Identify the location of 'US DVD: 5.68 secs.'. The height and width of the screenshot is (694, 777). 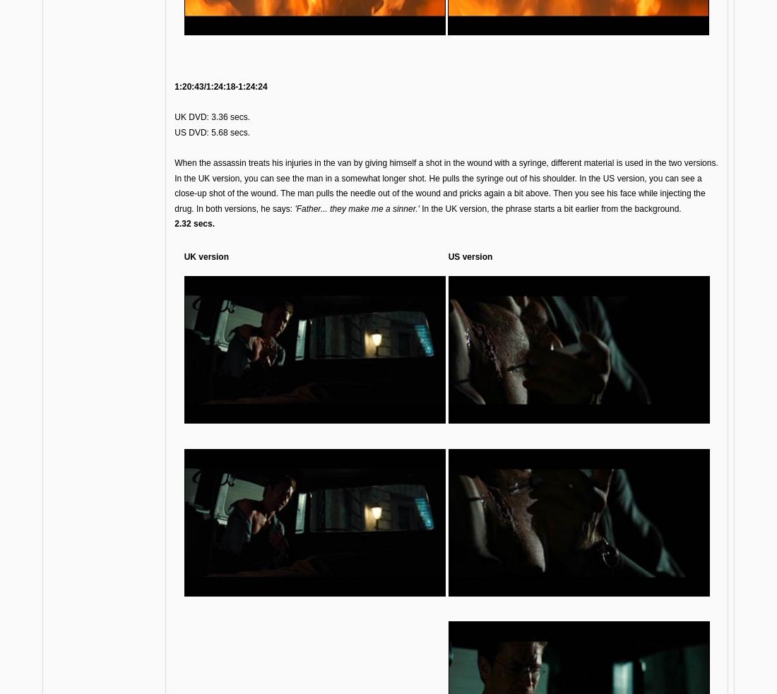
(211, 131).